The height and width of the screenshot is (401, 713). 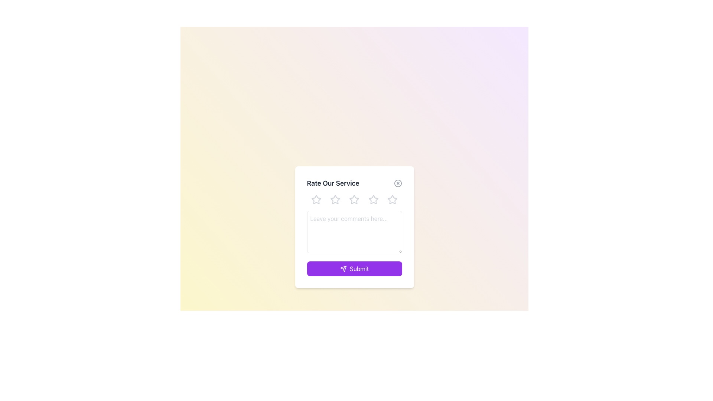 I want to click on the fourth star icon in the rating system, which allows users to select their rating feedback, so click(x=373, y=199).